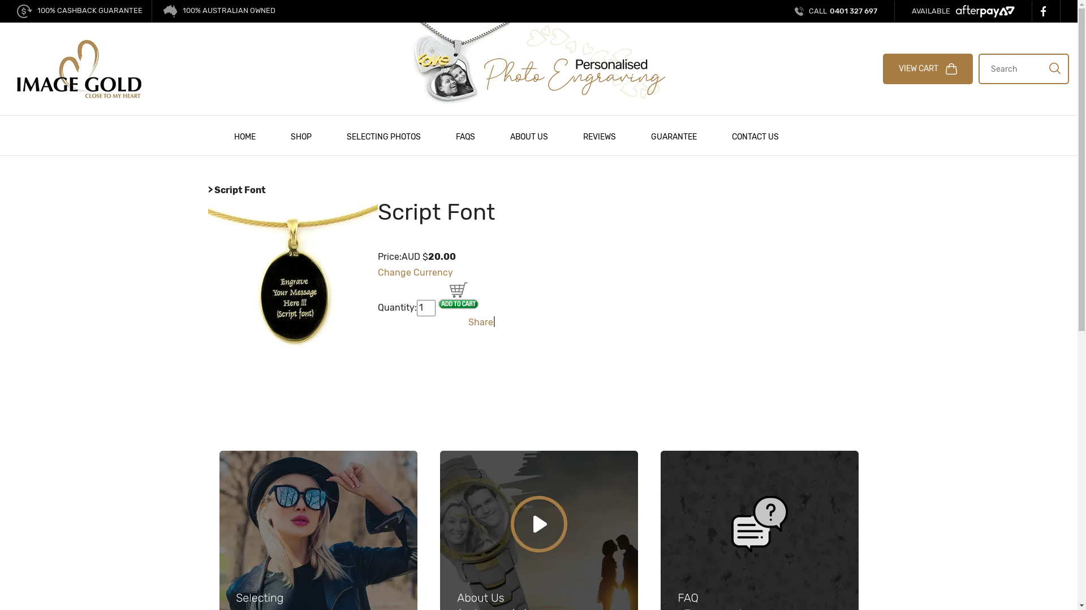 This screenshot has height=610, width=1086. What do you see at coordinates (78, 68) in the screenshot?
I see `'Image Gold'` at bounding box center [78, 68].